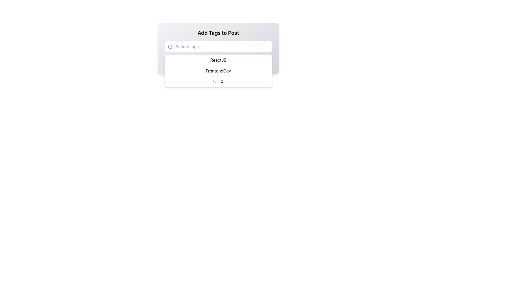  What do you see at coordinates (170, 46) in the screenshot?
I see `the Circle SVG component of the search icon, which represents the lens of the magnifying glass, located at the start of the input field labeled 'Search tags...'` at bounding box center [170, 46].